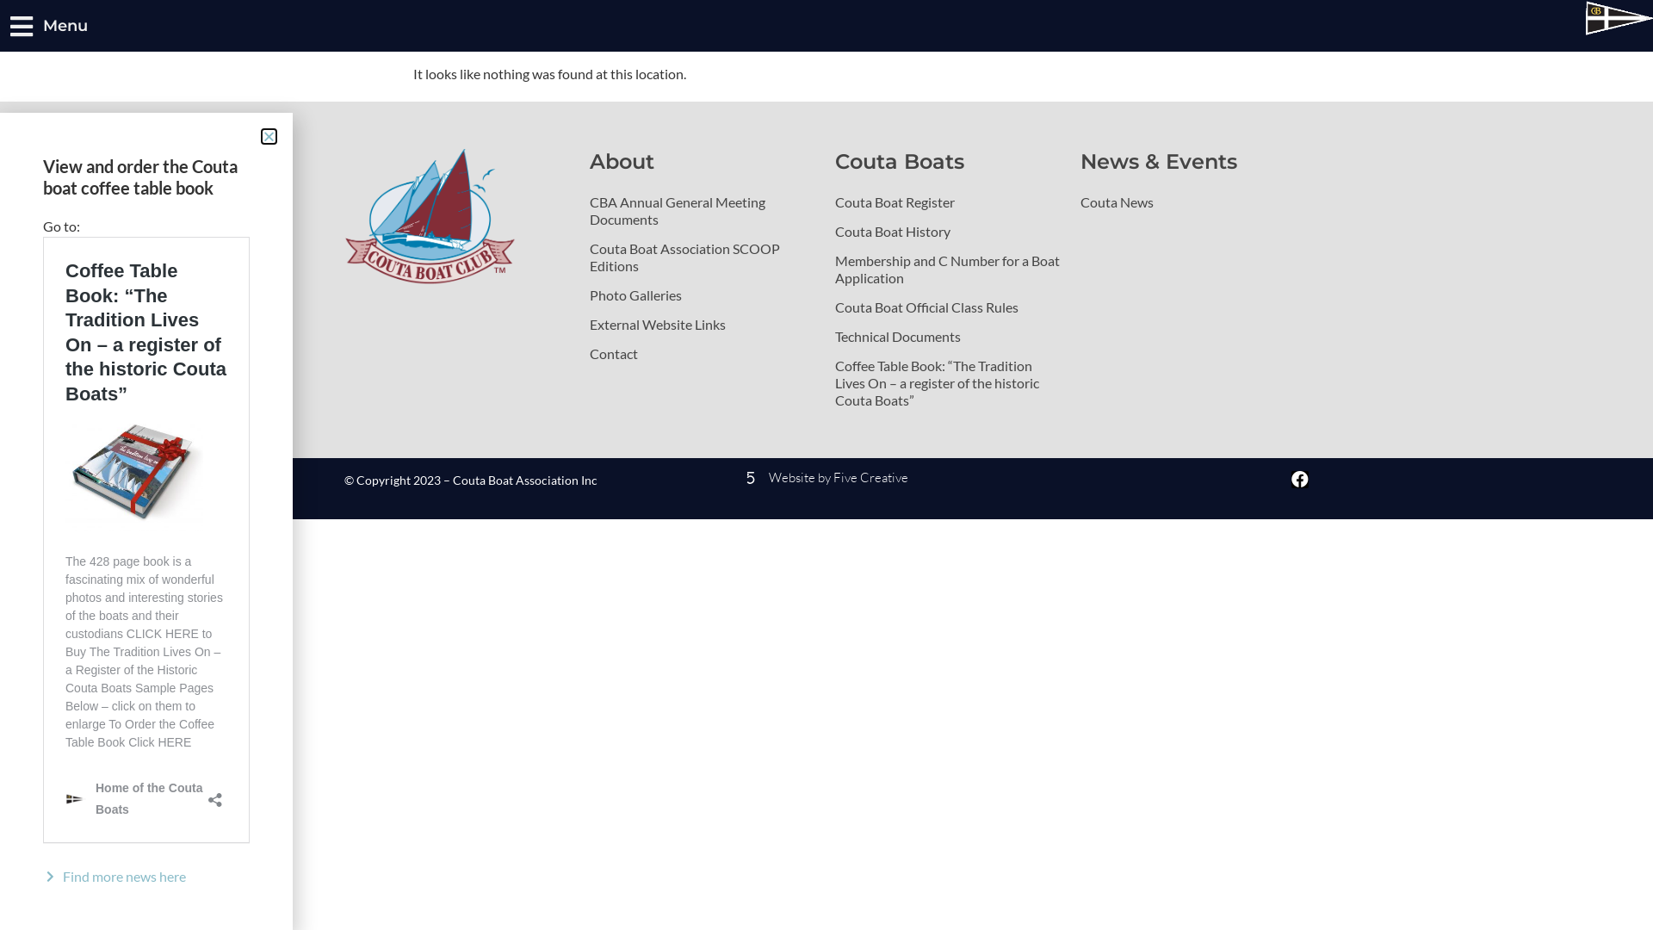 The image size is (1653, 930). I want to click on 'Website by Five Creative', so click(670, 477).